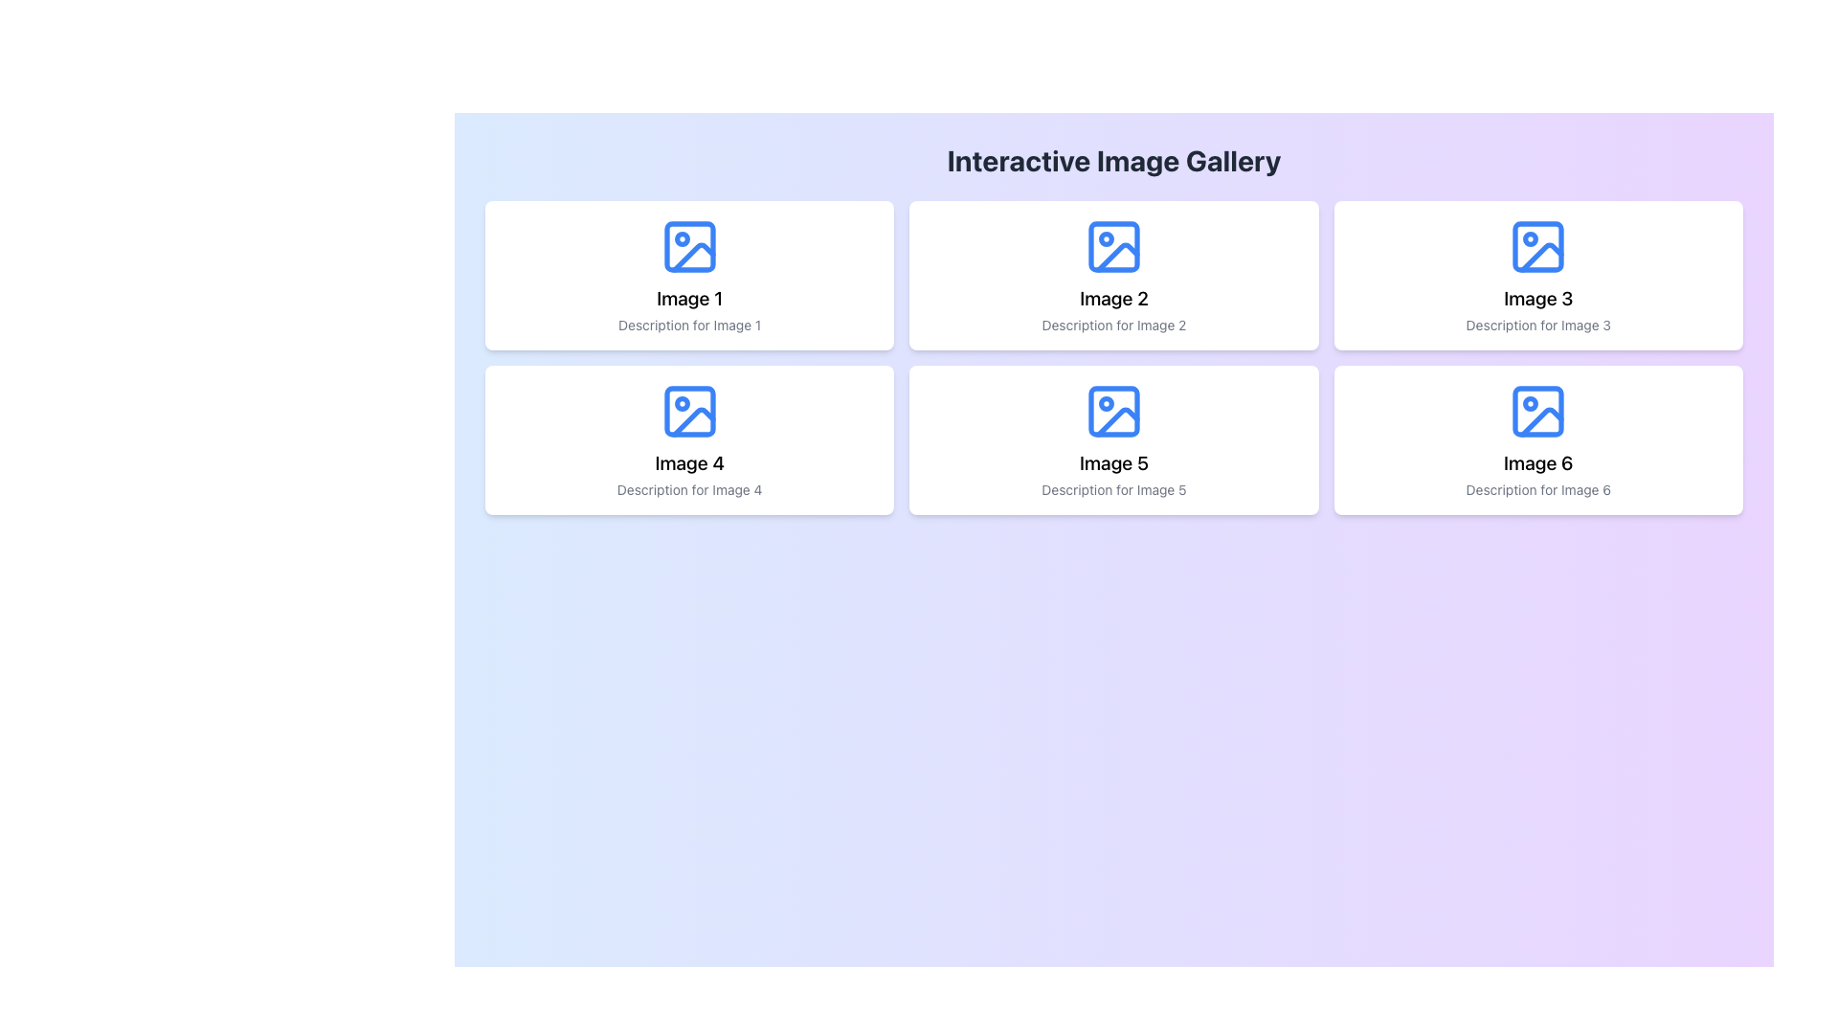 The image size is (1838, 1034). What do you see at coordinates (1538, 439) in the screenshot?
I see `the interactive display card for 'Image 6', located at the bottom-right corner of the grid layout` at bounding box center [1538, 439].